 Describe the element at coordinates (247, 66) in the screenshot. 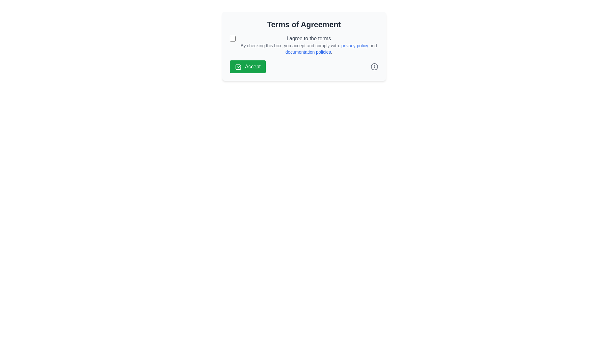

I see `the 'Accept' button with a vibrant green background and a white checkmark icon located at the bottom-left corner of the 'Terms of Agreement' section to confirm acceptance` at that location.